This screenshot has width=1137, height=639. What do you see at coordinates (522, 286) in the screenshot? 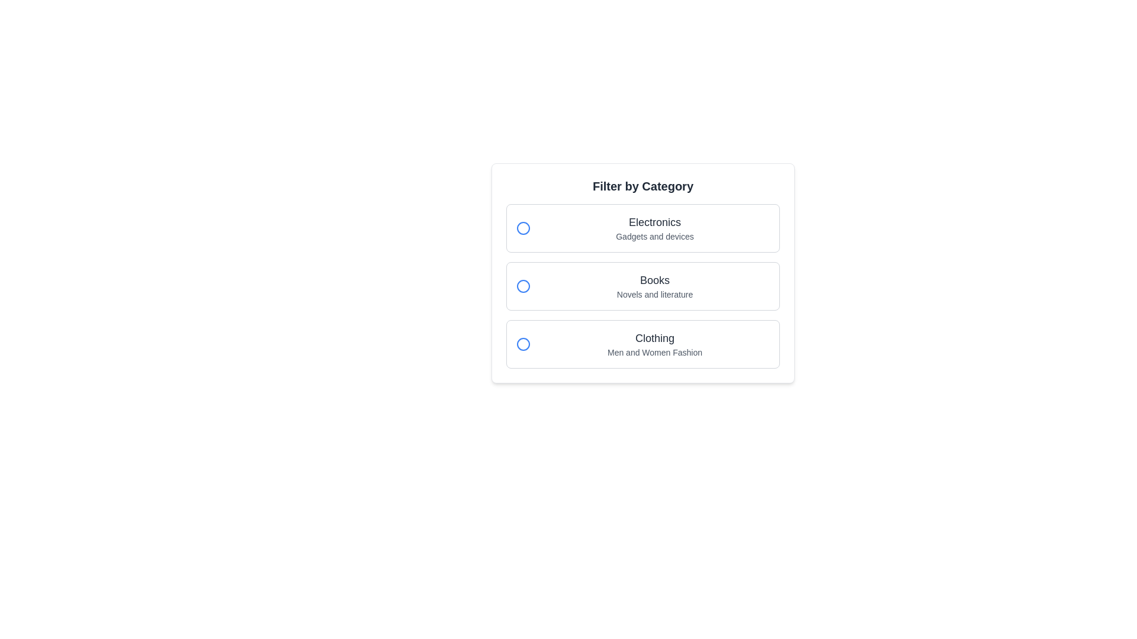
I see `the blue circular radio button located in the 'Books' card for tooltip or visual feedback` at bounding box center [522, 286].